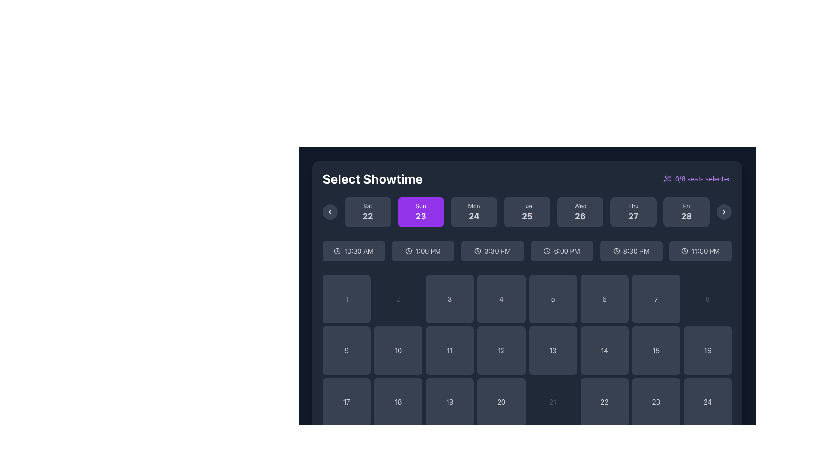 This screenshot has height=459, width=816. What do you see at coordinates (580, 211) in the screenshot?
I see `the day selector button for 'Wednesday 26th'` at bounding box center [580, 211].